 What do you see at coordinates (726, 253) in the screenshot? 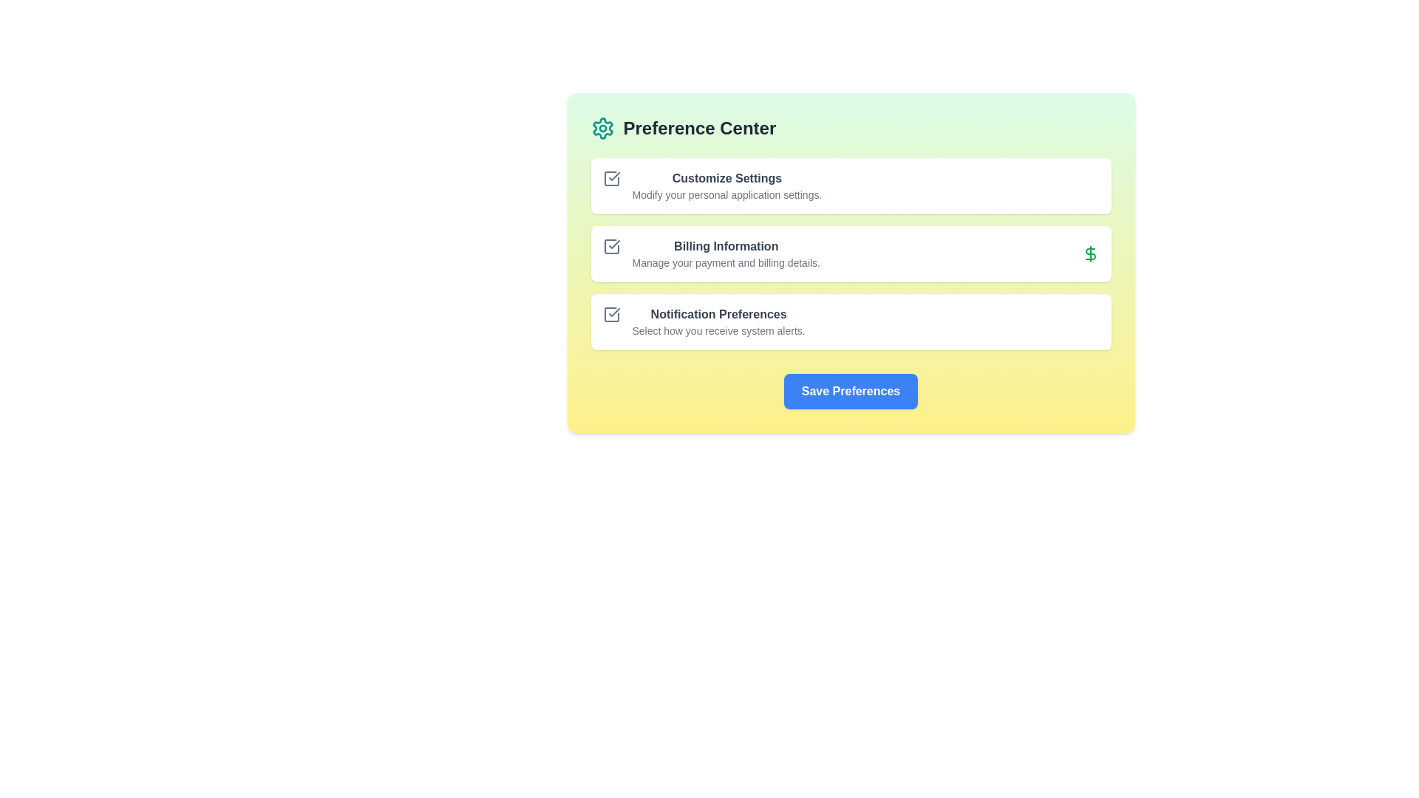
I see `text block containing the header and subtext that describes billing information settings, located in the middle section of the 'Preference Center' interface, specifically in the second row of options` at bounding box center [726, 253].